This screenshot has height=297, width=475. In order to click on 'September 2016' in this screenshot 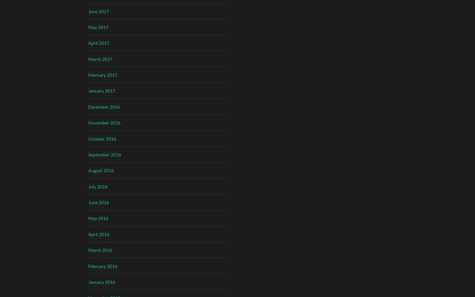, I will do `click(104, 154)`.